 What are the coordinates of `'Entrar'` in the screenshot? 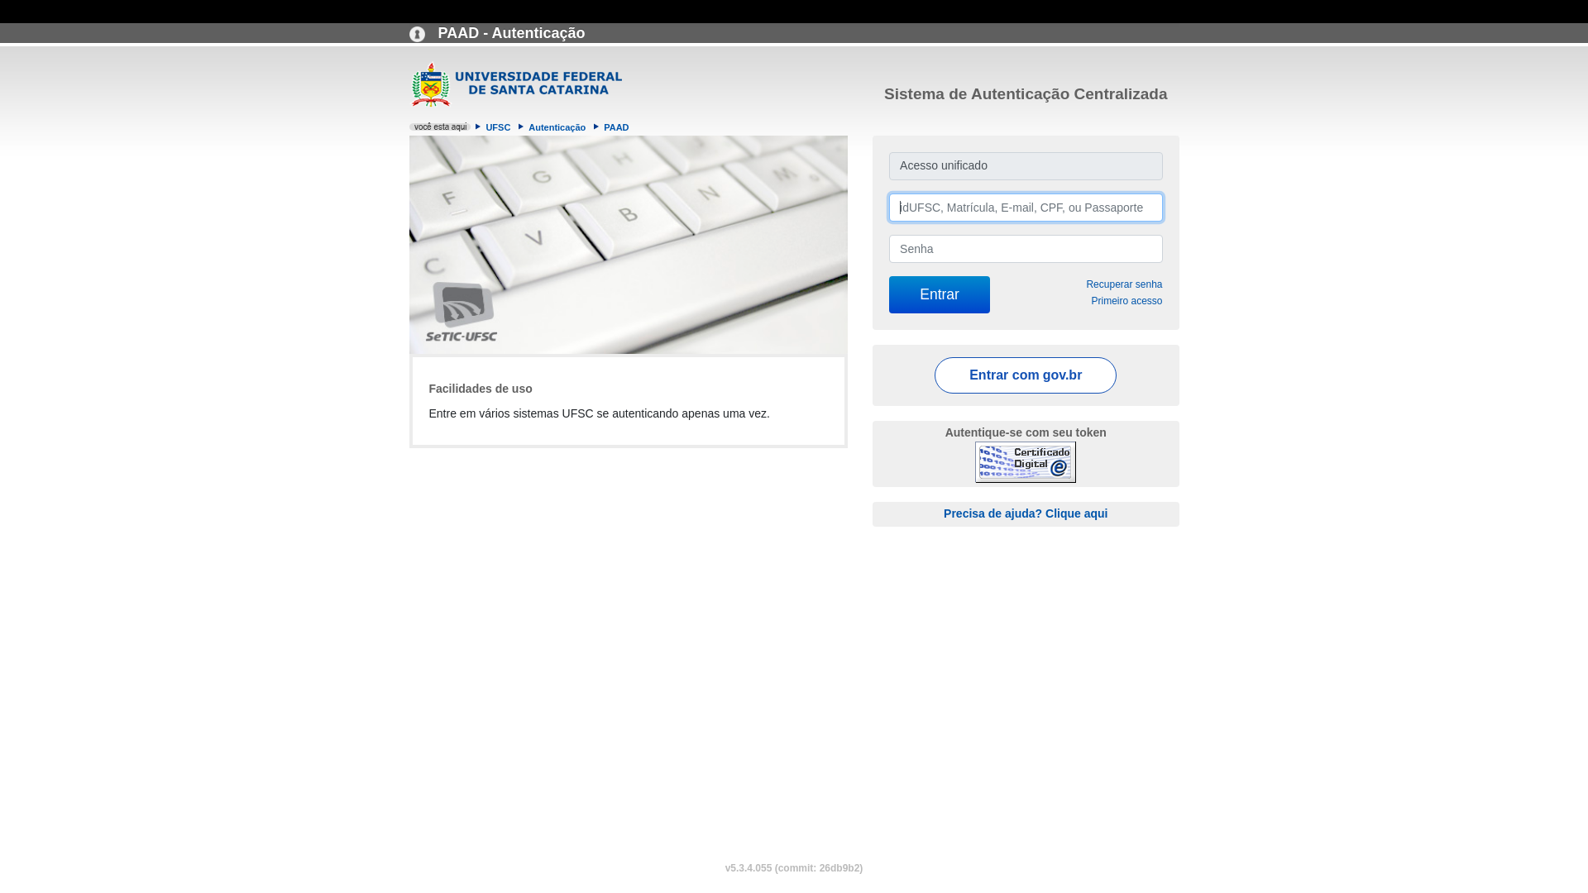 It's located at (940, 294).